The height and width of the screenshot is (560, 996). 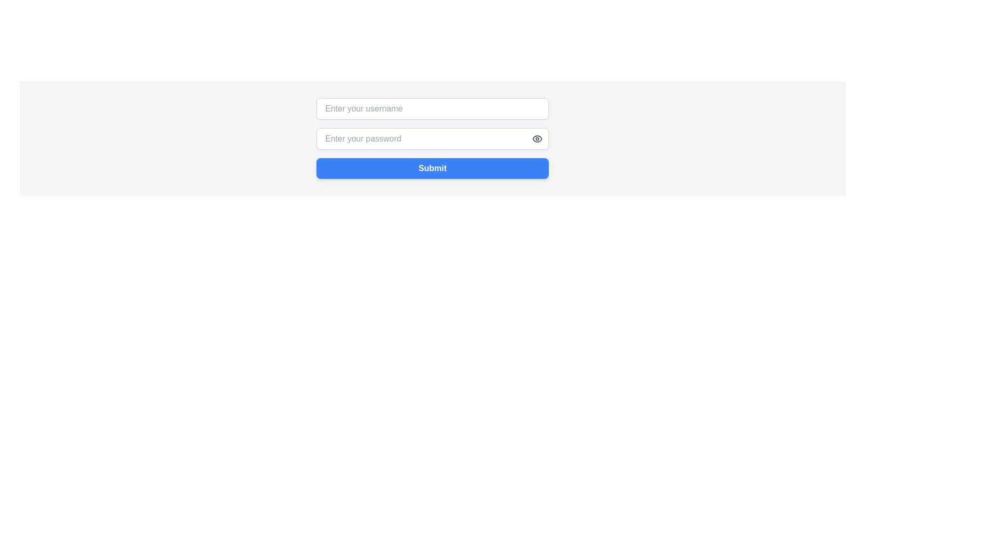 I want to click on the submit button located below the input fields, so click(x=433, y=167).